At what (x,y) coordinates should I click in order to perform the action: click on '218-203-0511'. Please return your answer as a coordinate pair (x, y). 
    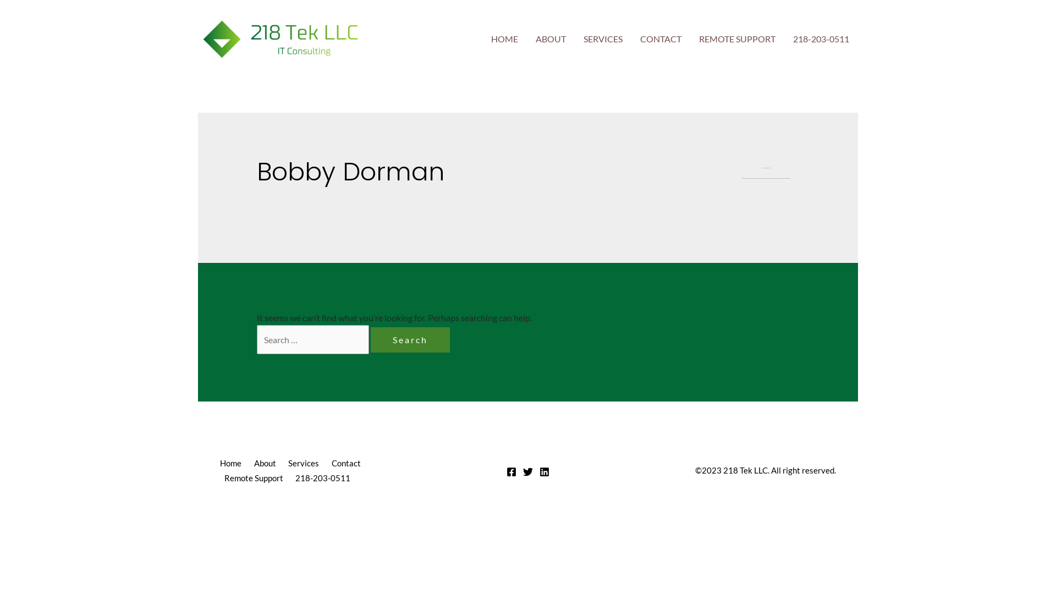
    Looking at the image, I should click on (324, 477).